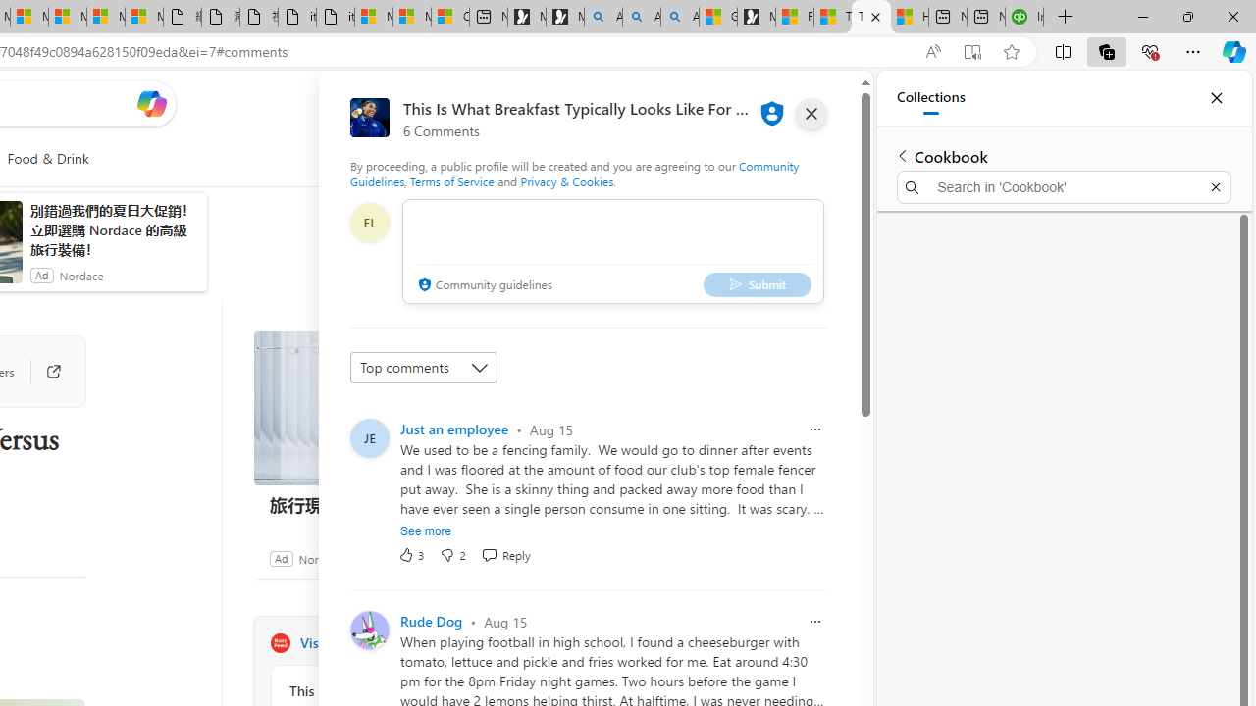  I want to click on 'Report comment', so click(815, 621).